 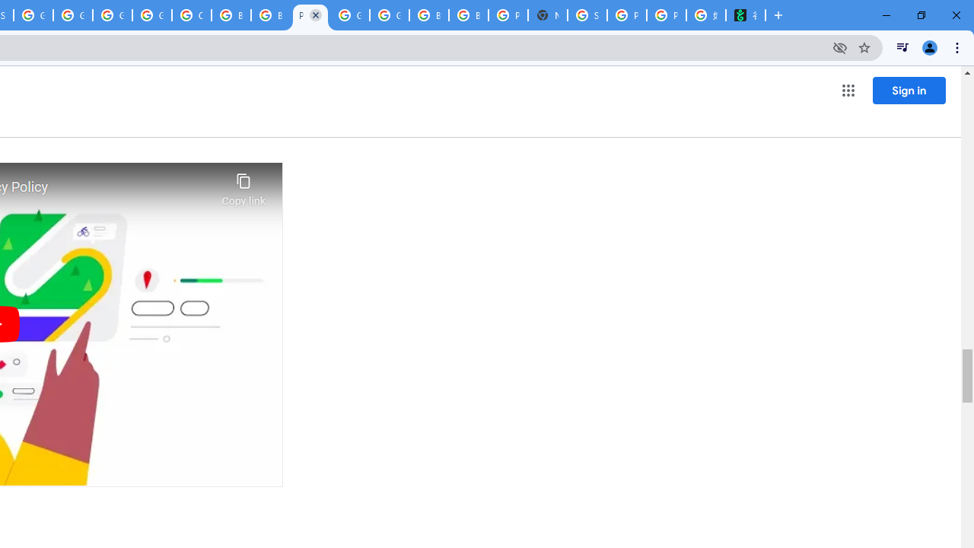 What do you see at coordinates (243, 185) in the screenshot?
I see `'Copy link'` at bounding box center [243, 185].